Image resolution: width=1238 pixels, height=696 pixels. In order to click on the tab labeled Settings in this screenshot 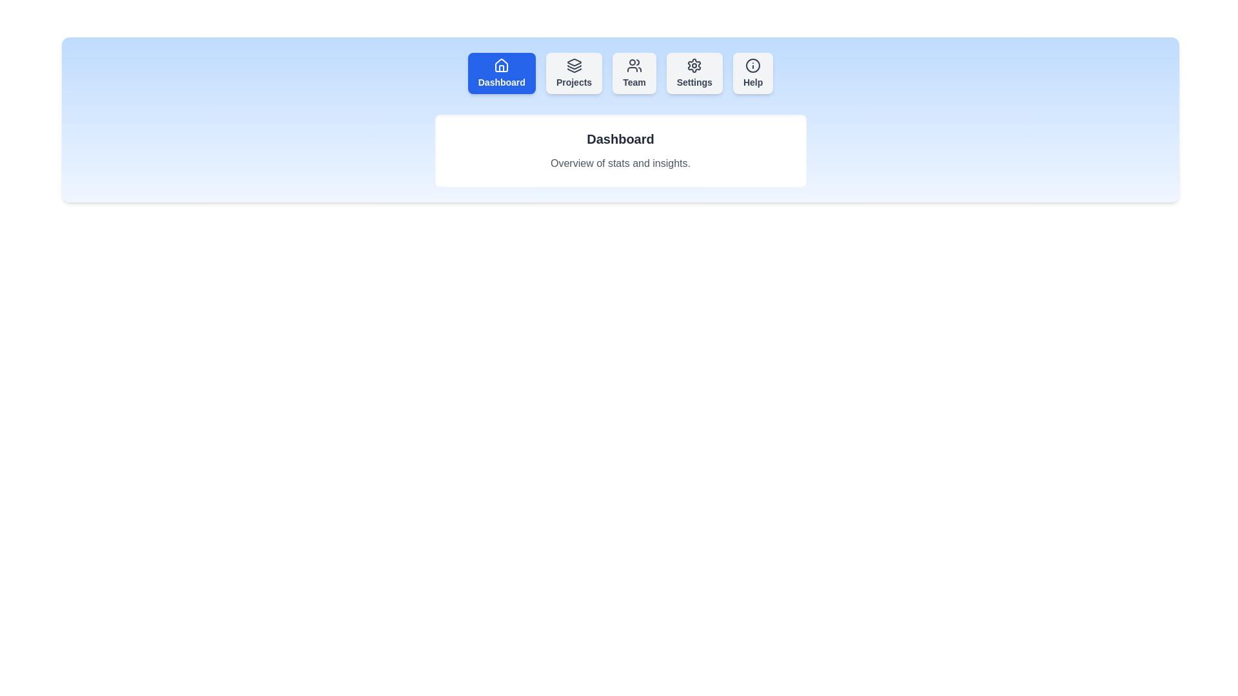, I will do `click(694, 73)`.